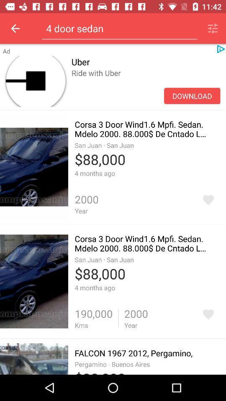 The width and height of the screenshot is (226, 401). What do you see at coordinates (192, 96) in the screenshot?
I see `icon above corsa 3 door item` at bounding box center [192, 96].